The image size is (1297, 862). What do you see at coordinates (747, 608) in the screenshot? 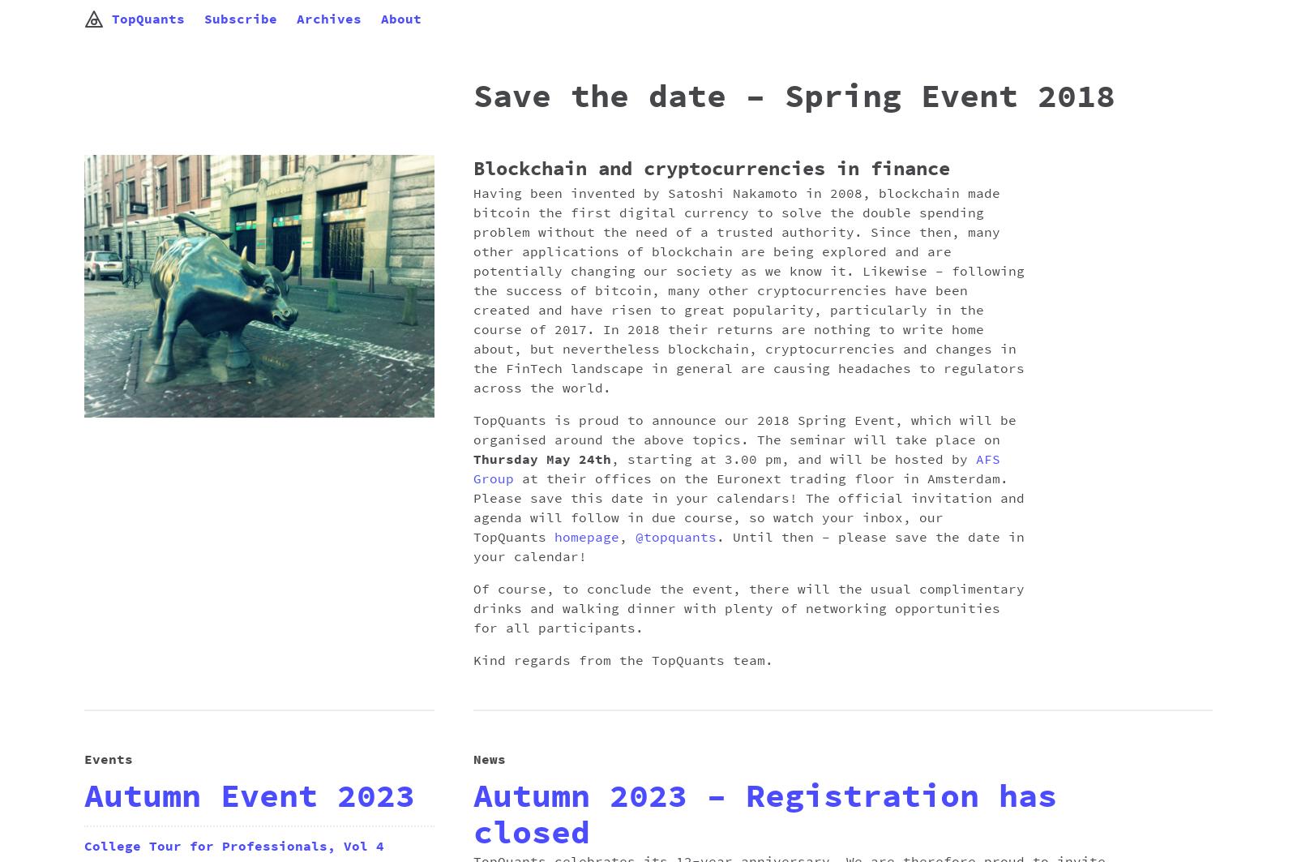
I see `'Of course, to conclude the event, there will the usual complimentary drinks and walking dinner with plenty of networking opportunities for all participants.'` at bounding box center [747, 608].